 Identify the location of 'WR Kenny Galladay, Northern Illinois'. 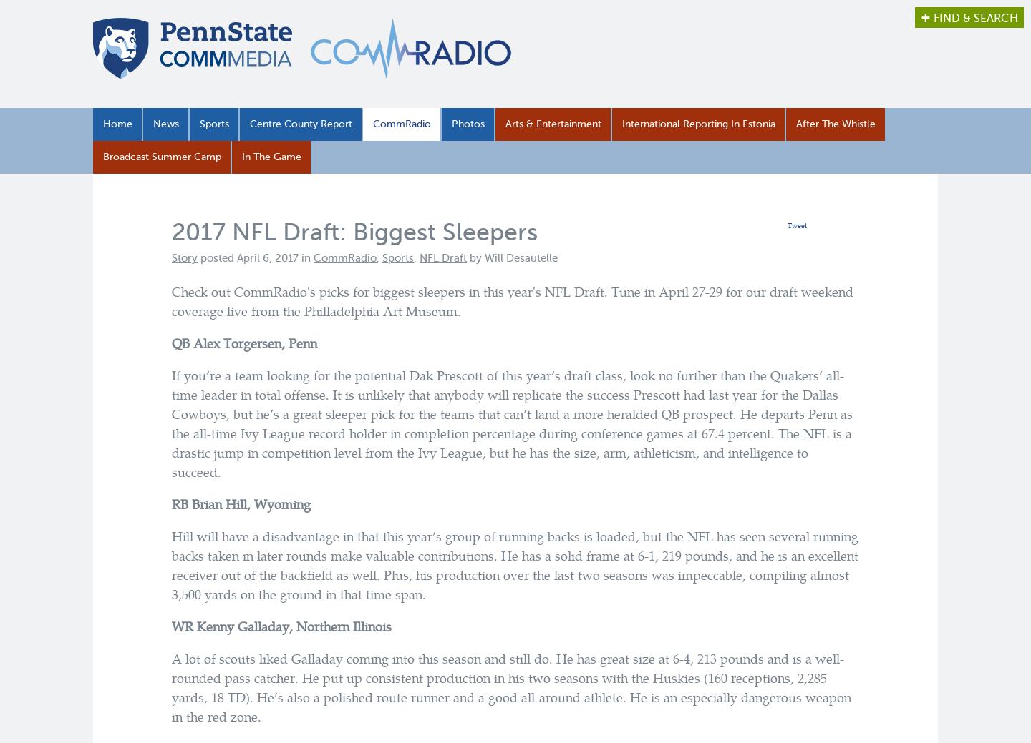
(281, 626).